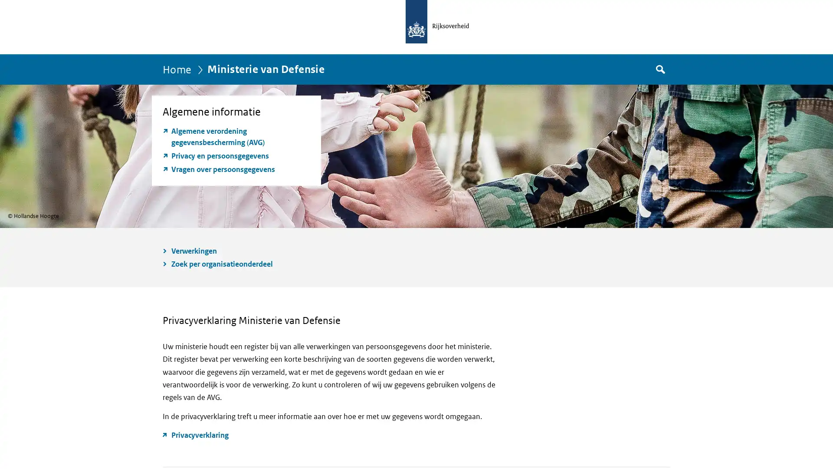  I want to click on Zoek, so click(659, 69).